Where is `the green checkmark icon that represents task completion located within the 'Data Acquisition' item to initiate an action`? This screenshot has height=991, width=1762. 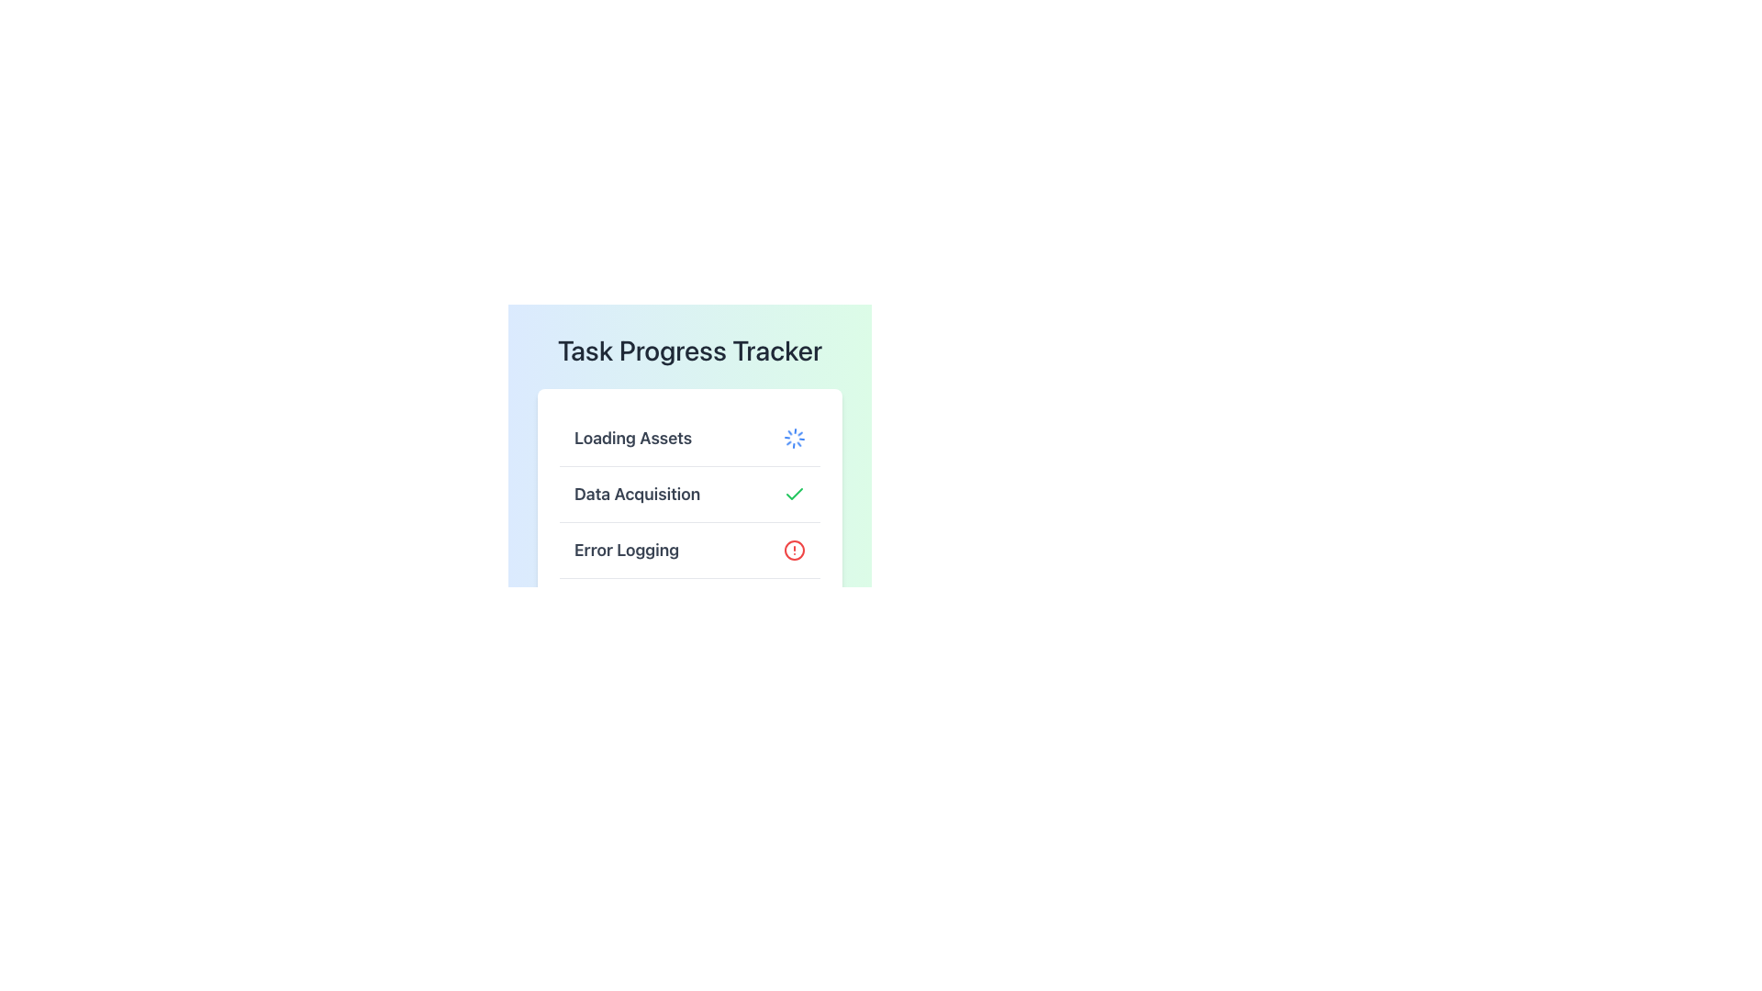 the green checkmark icon that represents task completion located within the 'Data Acquisition' item to initiate an action is located at coordinates (794, 494).